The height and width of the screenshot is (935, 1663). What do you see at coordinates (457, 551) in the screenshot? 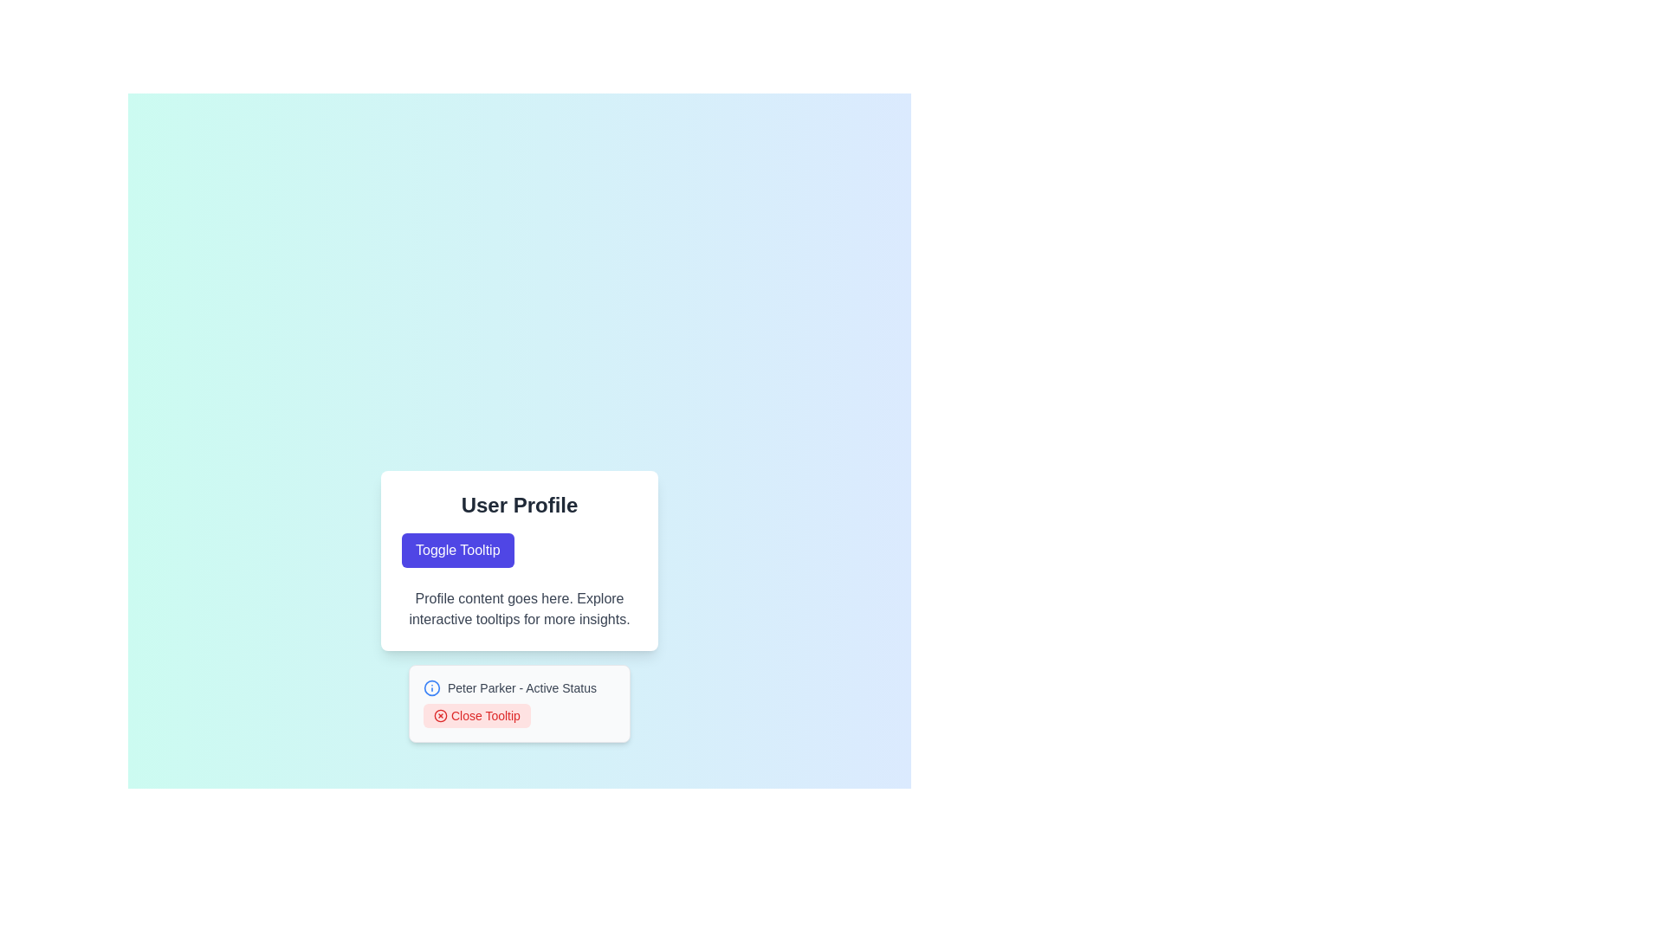
I see `the button located in the 'User Profile' modal` at bounding box center [457, 551].